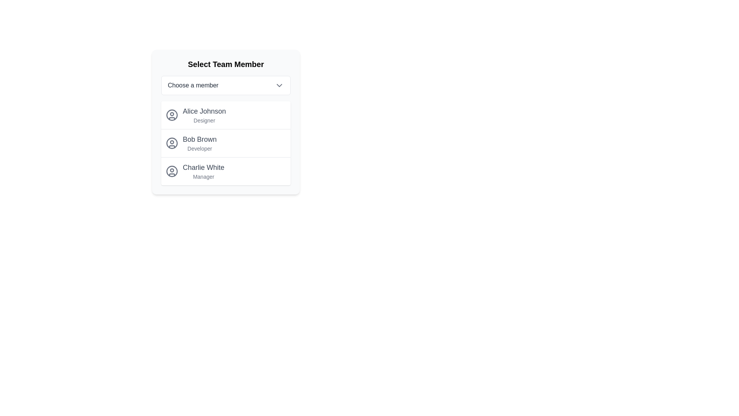 This screenshot has height=416, width=739. Describe the element at coordinates (203, 177) in the screenshot. I see `the text label reading 'Manager', which is styled in gray and located directly below 'Charlie White' in the third position of the list` at that location.